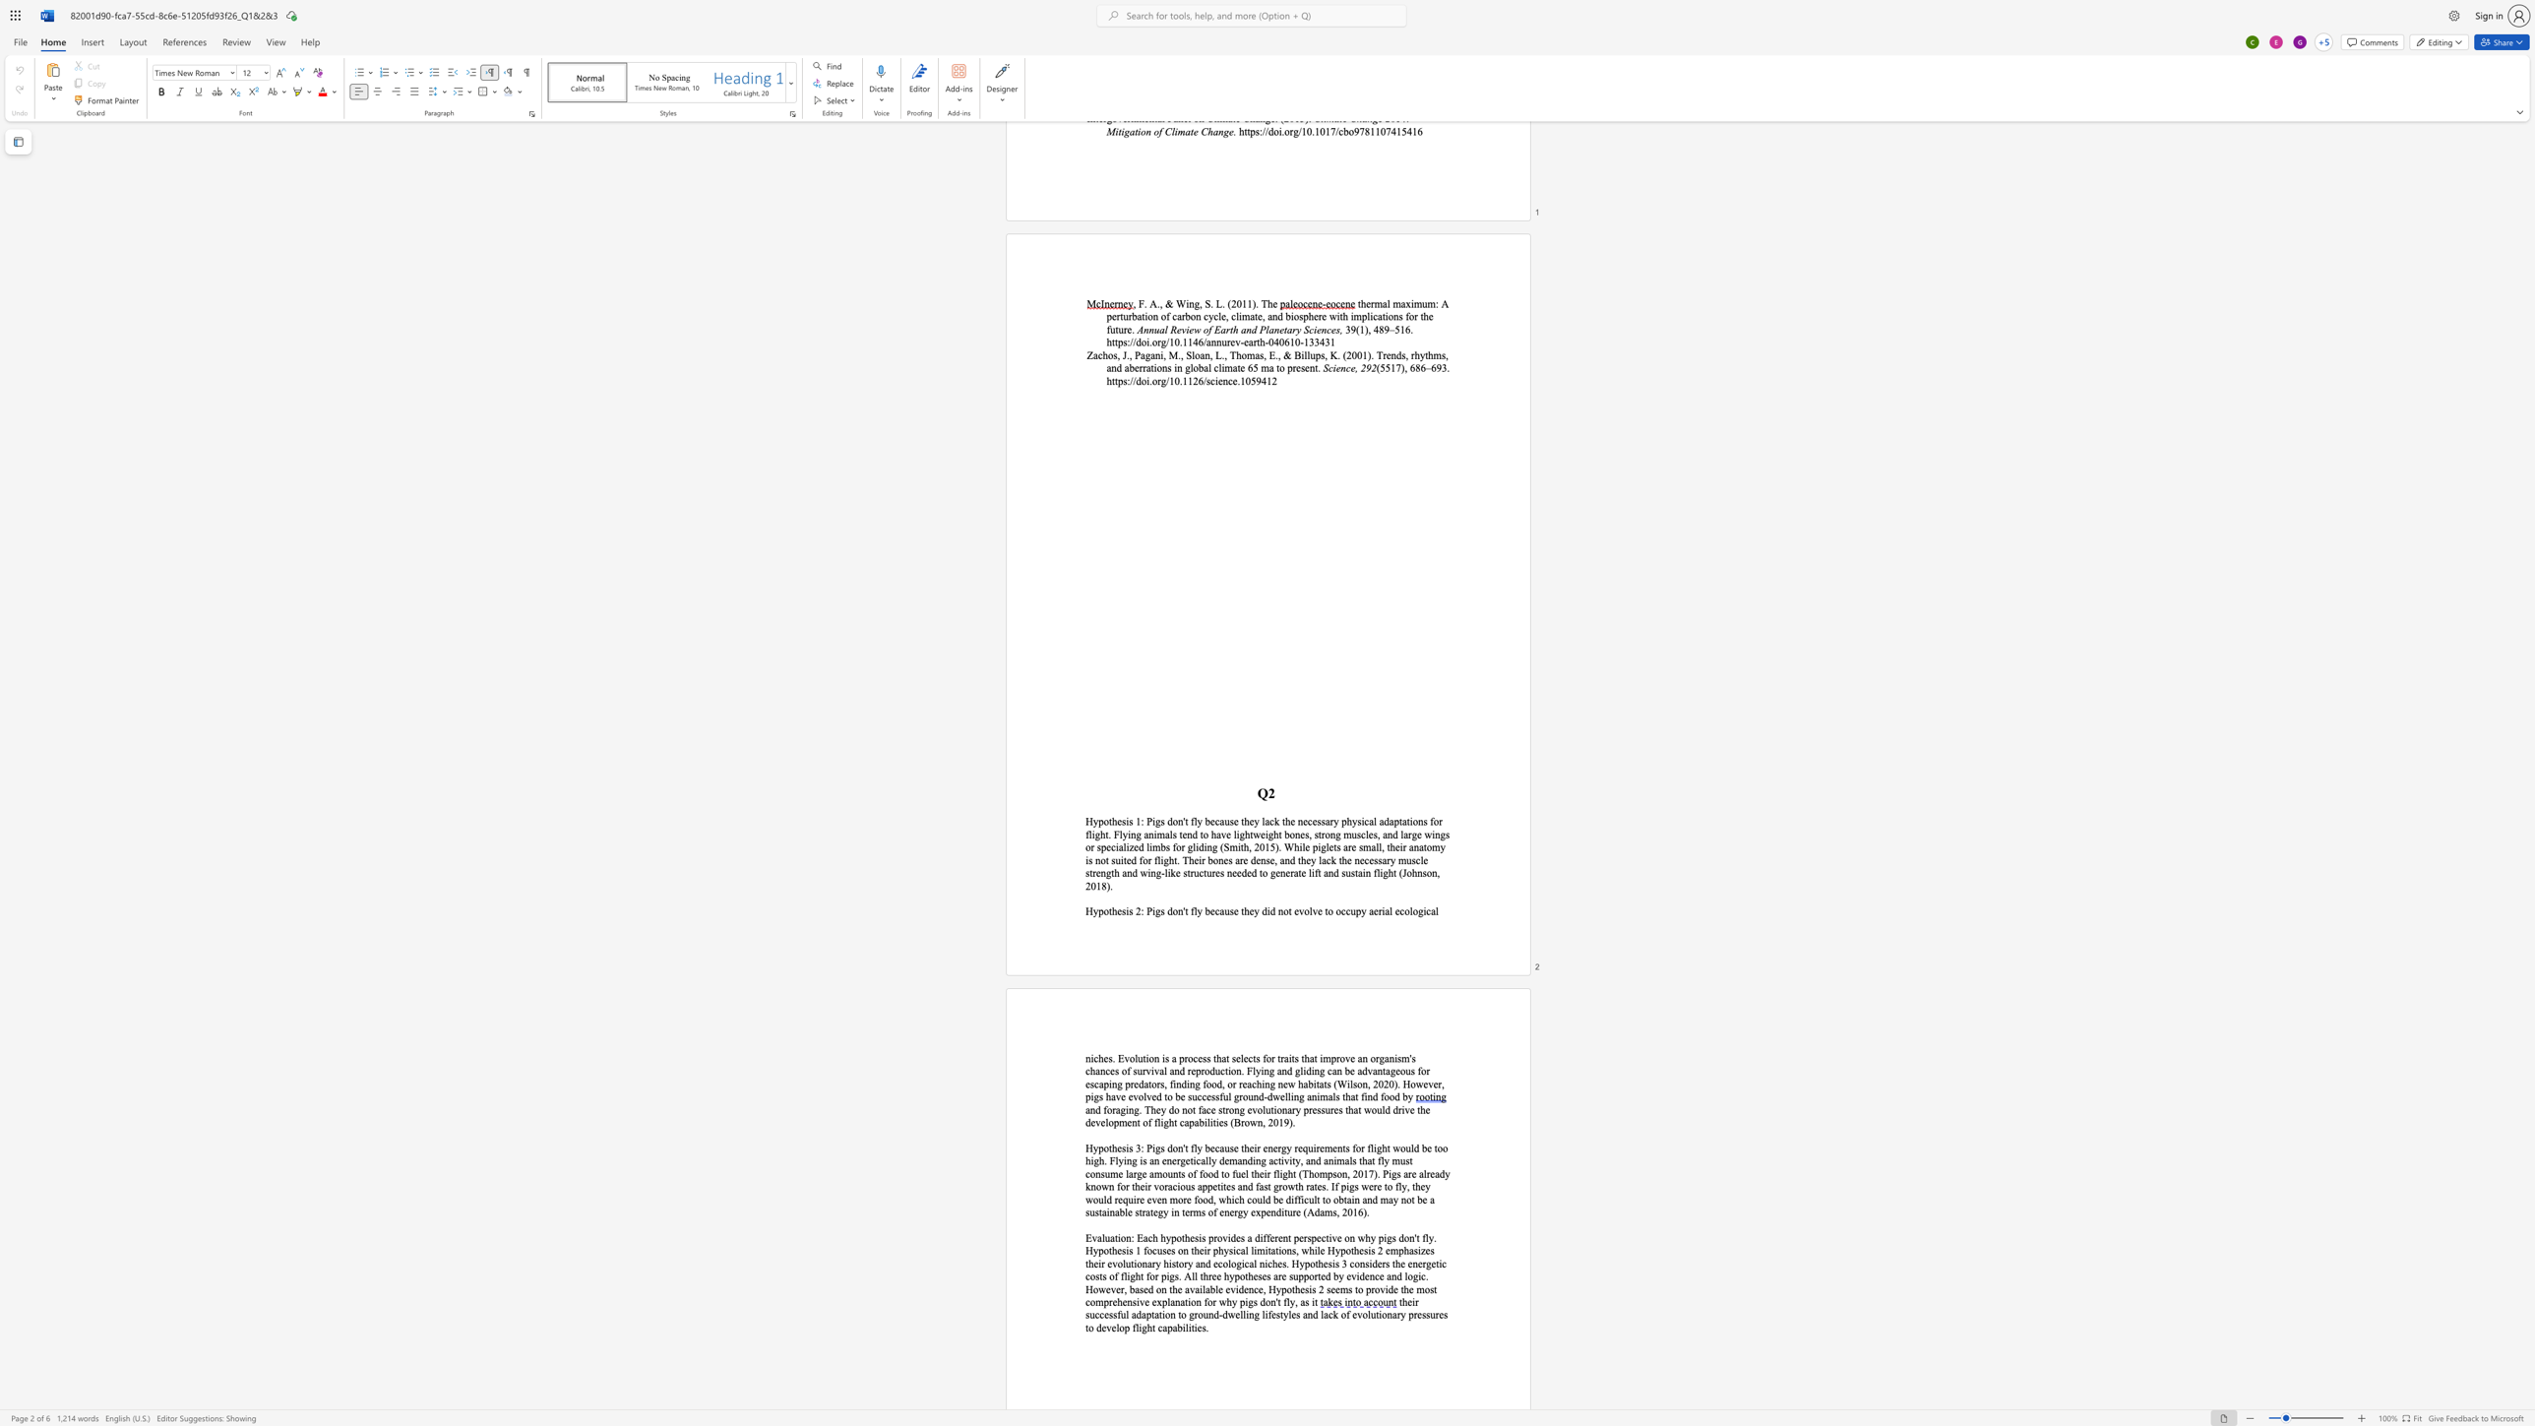  What do you see at coordinates (1089, 909) in the screenshot?
I see `the 1th character "H" in the text` at bounding box center [1089, 909].